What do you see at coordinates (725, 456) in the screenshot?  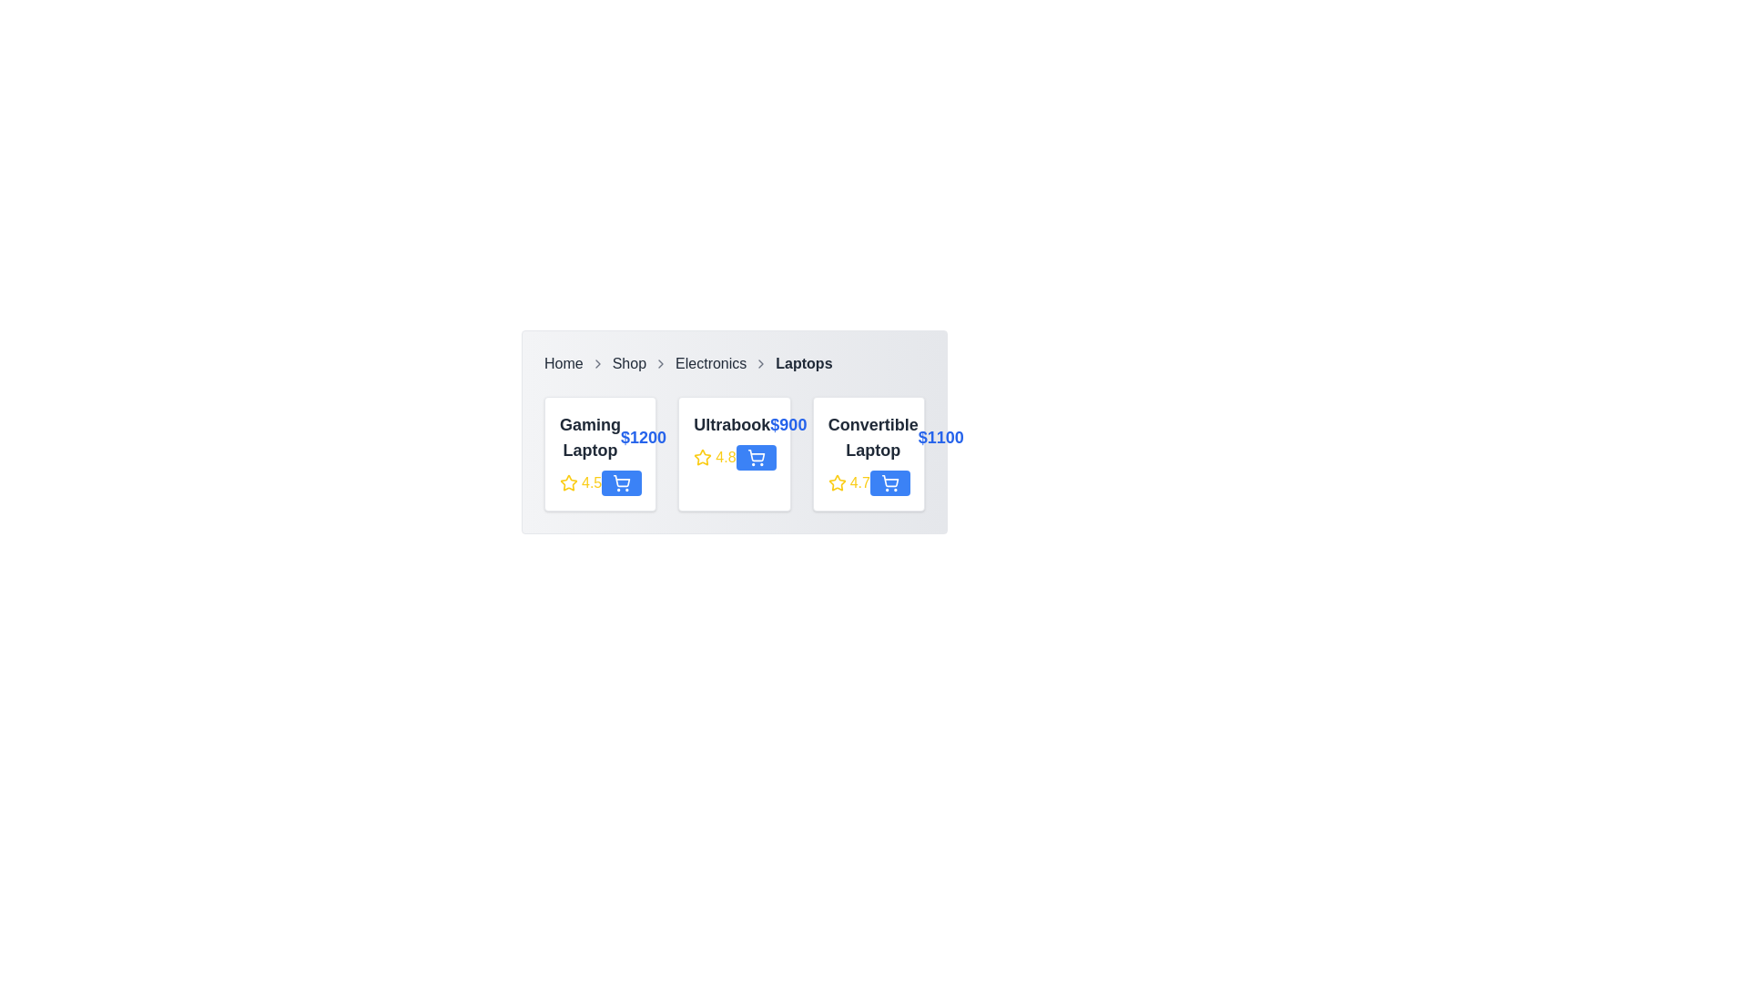 I see `the average user rating text label in the middle card, which is located between the star icon and the shopping cart icon` at bounding box center [725, 456].